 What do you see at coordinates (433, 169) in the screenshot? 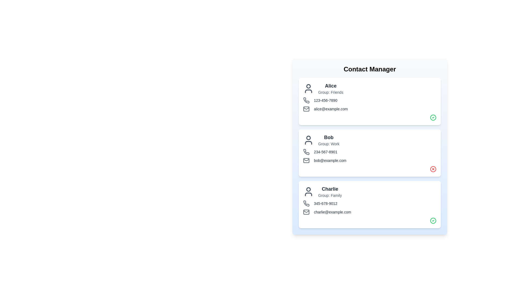
I see `the verification icon for Bob` at bounding box center [433, 169].